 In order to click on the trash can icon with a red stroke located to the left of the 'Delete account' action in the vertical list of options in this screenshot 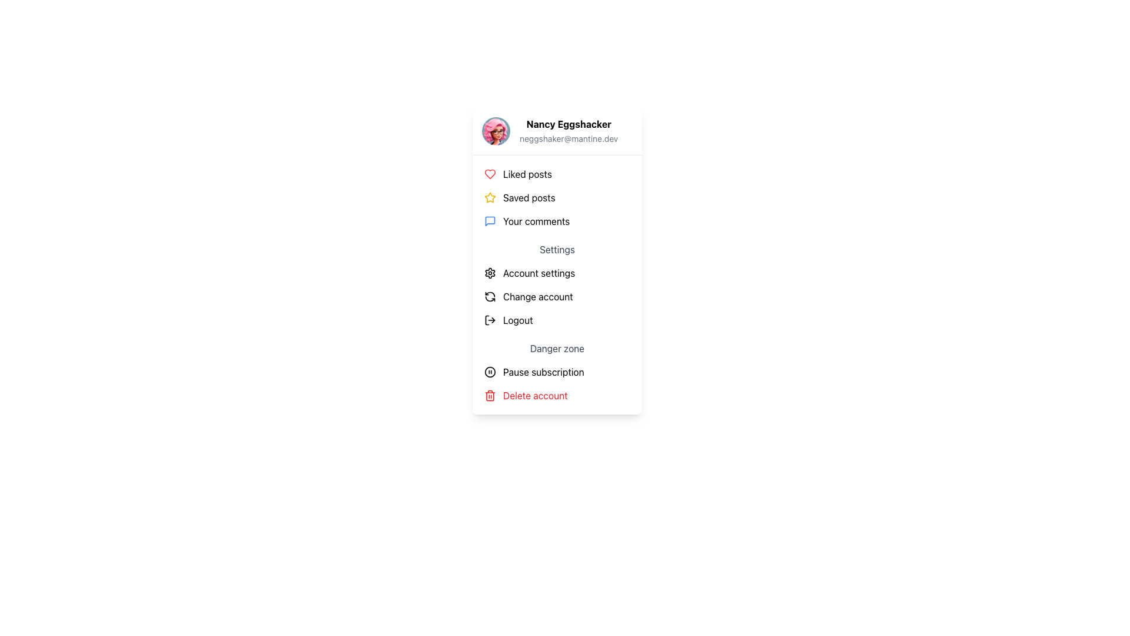, I will do `click(490, 395)`.